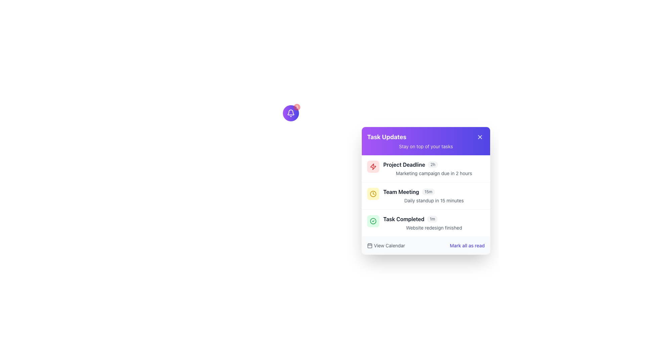  Describe the element at coordinates (425, 223) in the screenshot. I see `the third task entry in the task list labeled 'Task Completed' to view its details` at that location.